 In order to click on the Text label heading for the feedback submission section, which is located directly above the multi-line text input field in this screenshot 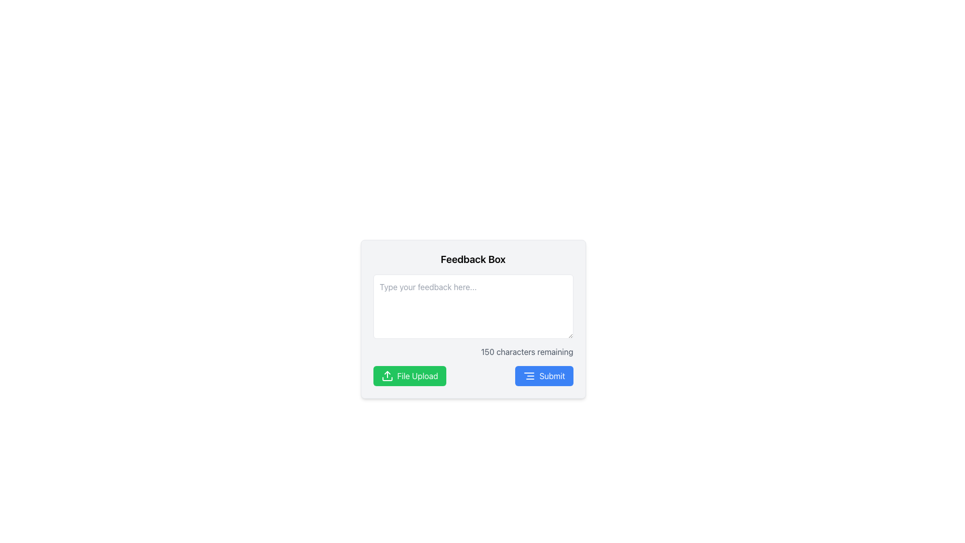, I will do `click(472, 259)`.